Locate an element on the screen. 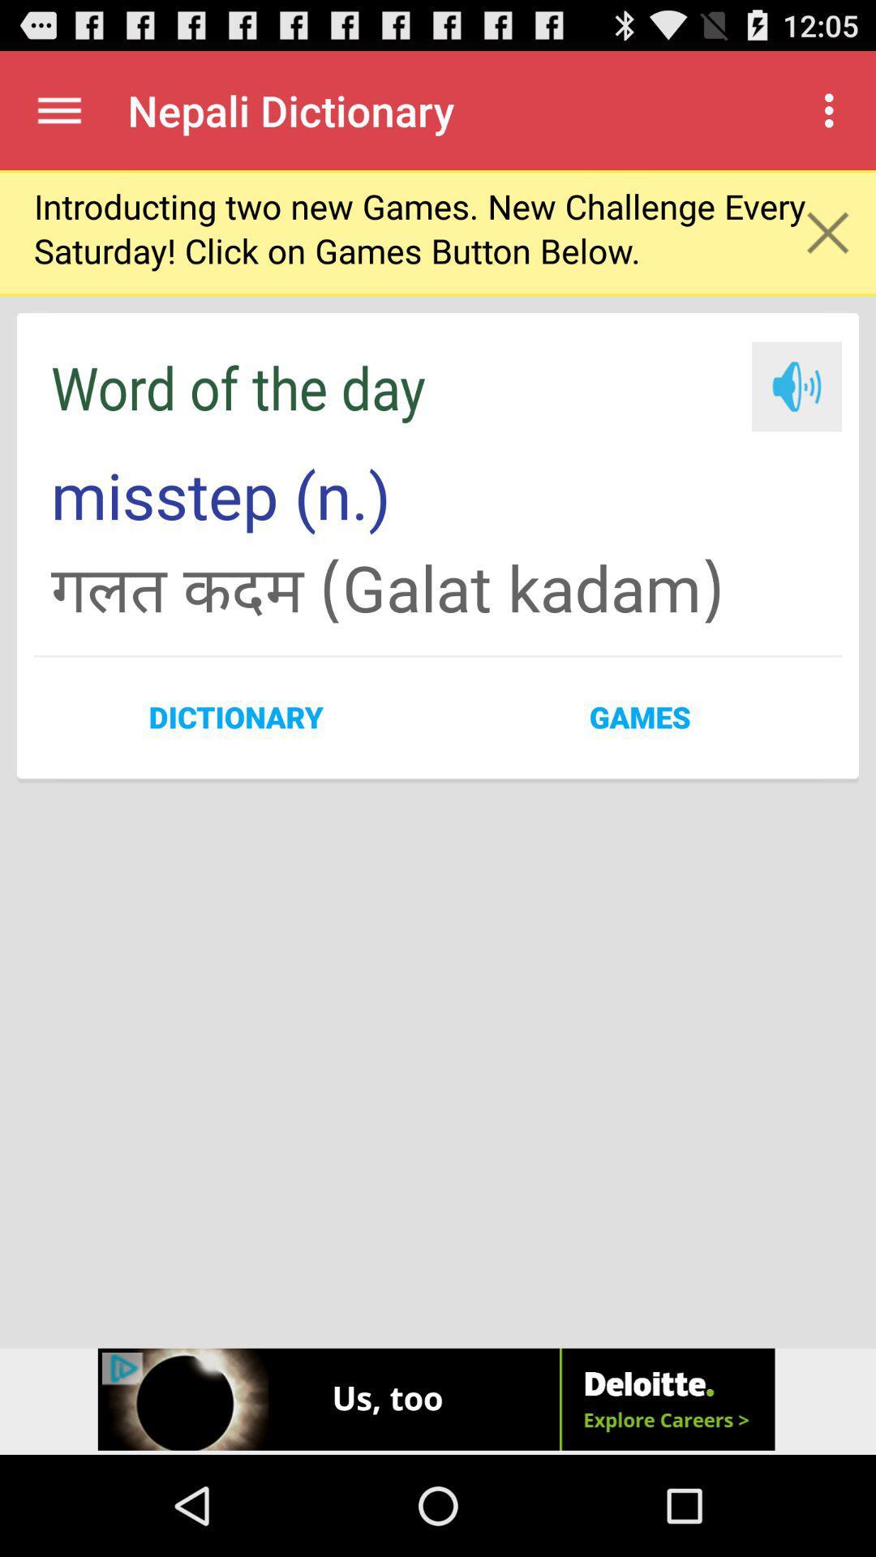 This screenshot has height=1557, width=876. the website shown in the advertisement is located at coordinates (438, 1400).